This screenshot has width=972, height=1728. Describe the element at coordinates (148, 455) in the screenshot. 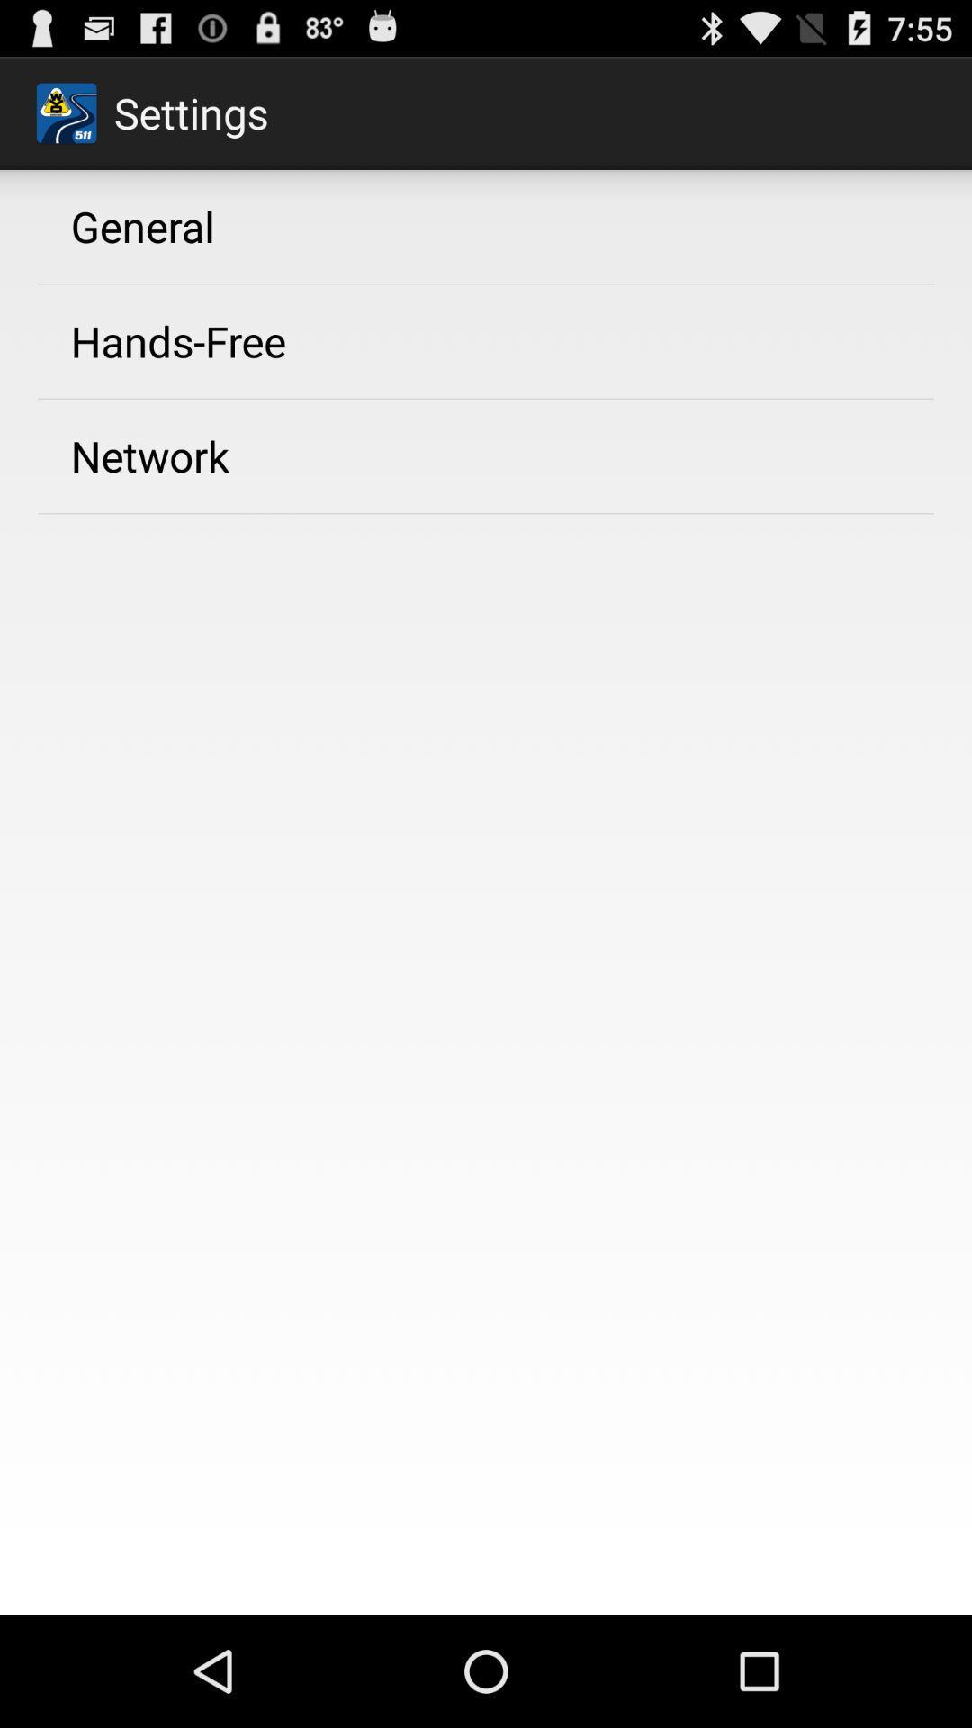

I see `the network icon` at that location.